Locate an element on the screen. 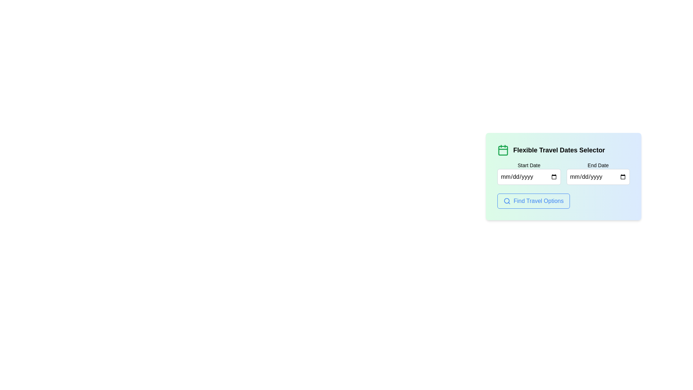  the central circular shape within the SVG graphic of the search icon, which is part of the interface containing the 'Find Travel Options' button is located at coordinates (506, 201).